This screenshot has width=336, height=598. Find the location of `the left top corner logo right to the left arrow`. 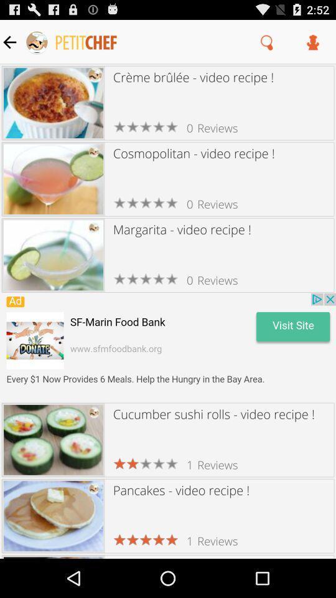

the left top corner logo right to the left arrow is located at coordinates (72, 42).